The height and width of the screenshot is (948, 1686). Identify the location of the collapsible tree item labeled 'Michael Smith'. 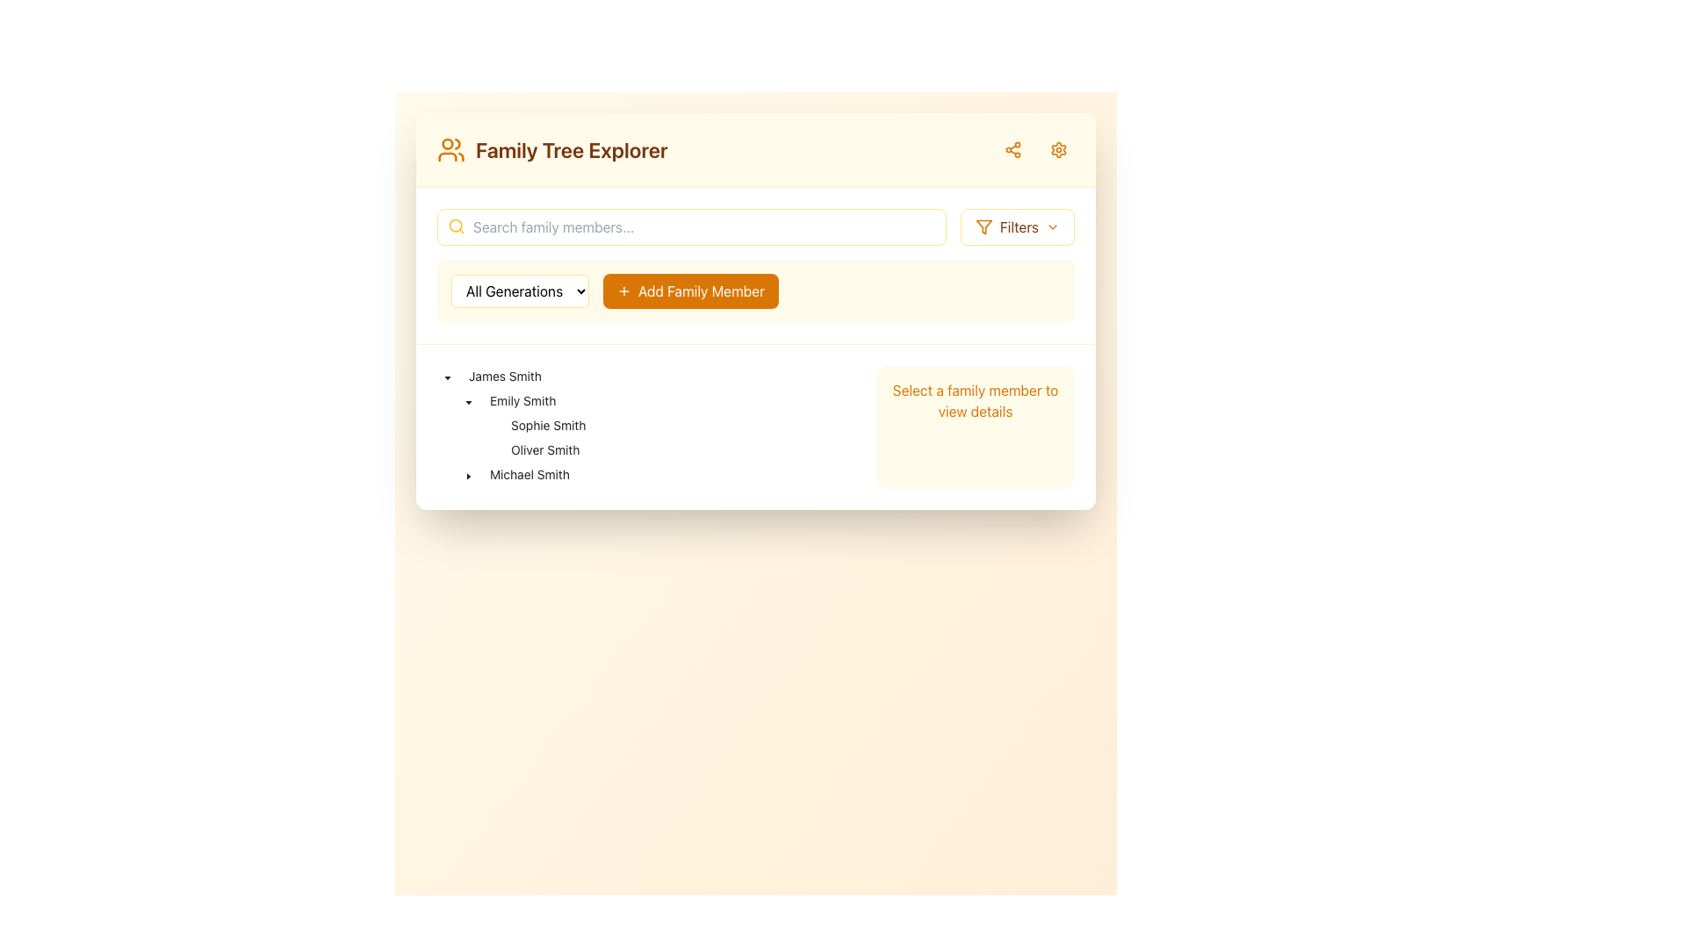
(505, 474).